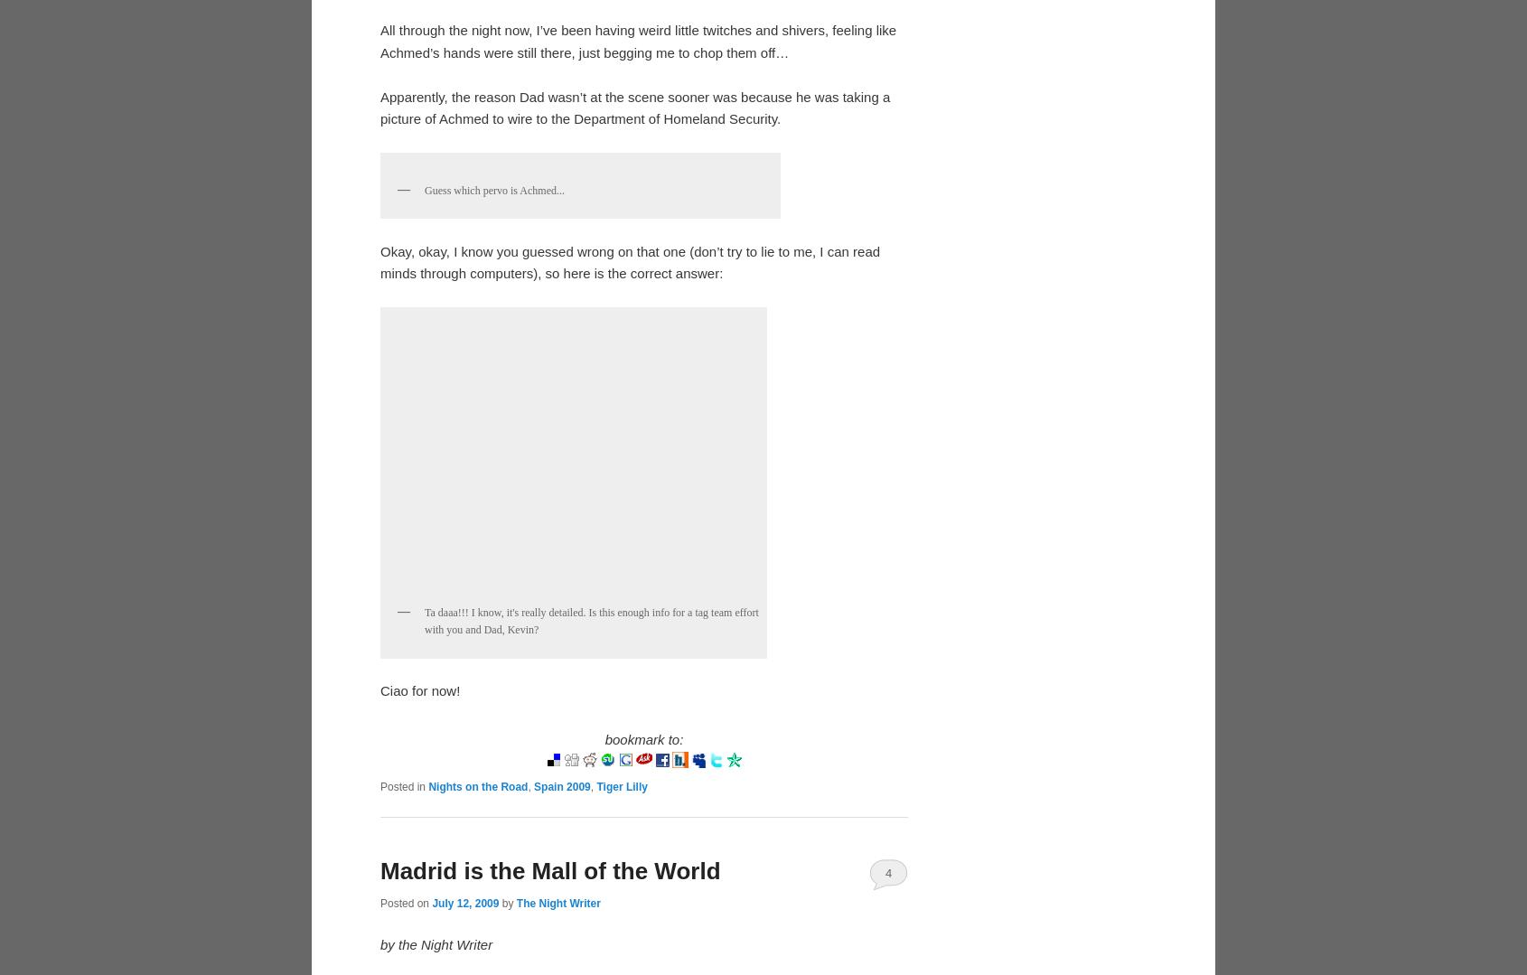 Image resolution: width=1527 pixels, height=975 pixels. What do you see at coordinates (424, 38) in the screenshot?
I see `'Oct'` at bounding box center [424, 38].